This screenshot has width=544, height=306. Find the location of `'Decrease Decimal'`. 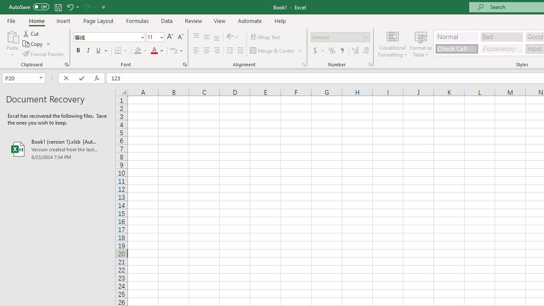

'Decrease Decimal' is located at coordinates (365, 51).